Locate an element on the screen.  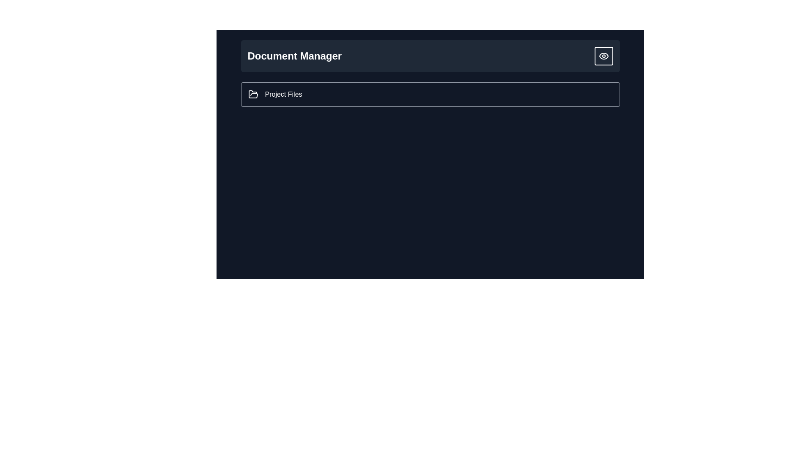
the visibility toggle button is located at coordinates (603, 56).